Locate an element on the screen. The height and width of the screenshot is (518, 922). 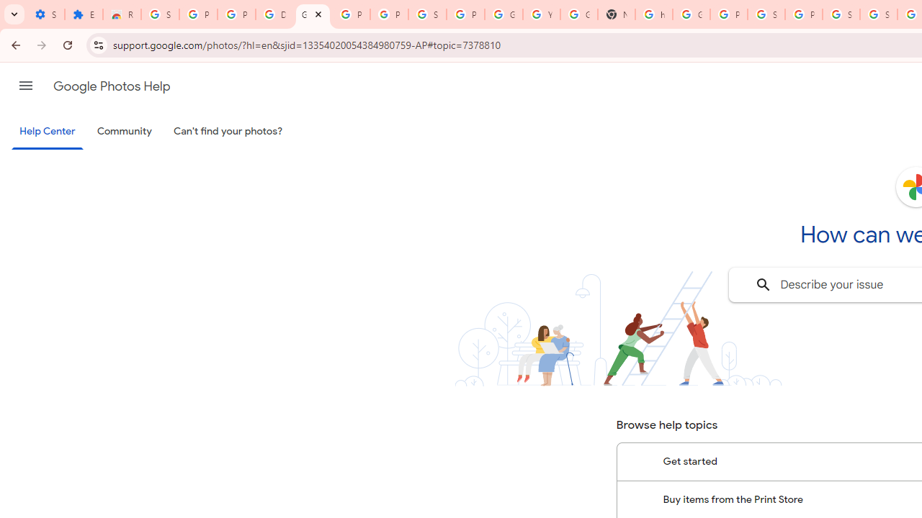
'Extensions' is located at coordinates (83, 14).